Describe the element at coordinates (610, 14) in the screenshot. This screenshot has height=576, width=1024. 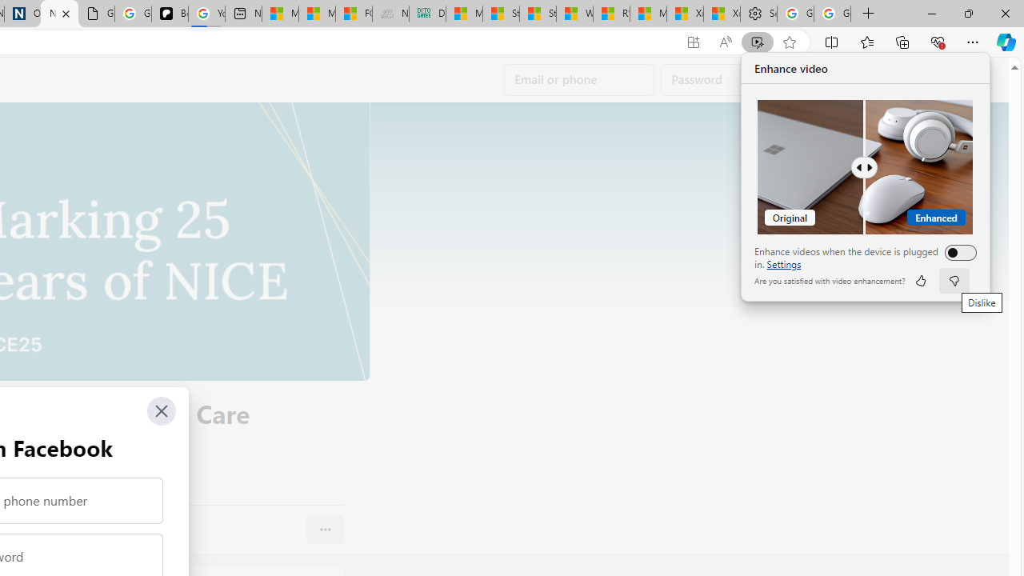
I see `'R******* | Trusted Community Engagement and Contributions'` at that location.